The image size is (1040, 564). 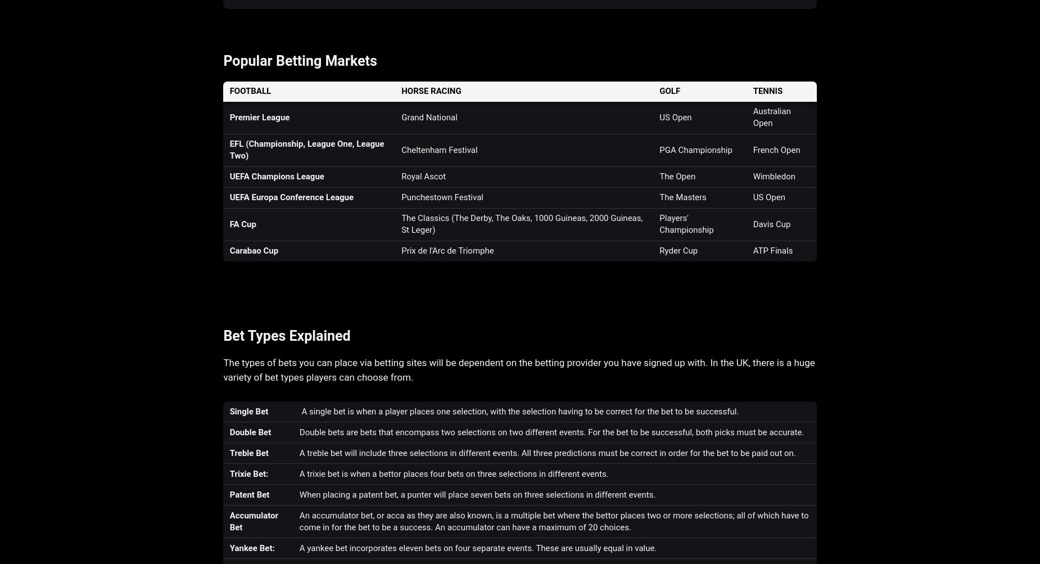 I want to click on 'A yankee bet incorporates eleven bets on four separate events. These are usually equal in value.', so click(x=478, y=547).